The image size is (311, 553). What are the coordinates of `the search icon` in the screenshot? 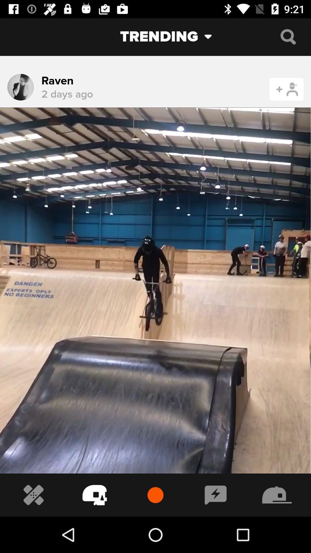 It's located at (288, 36).